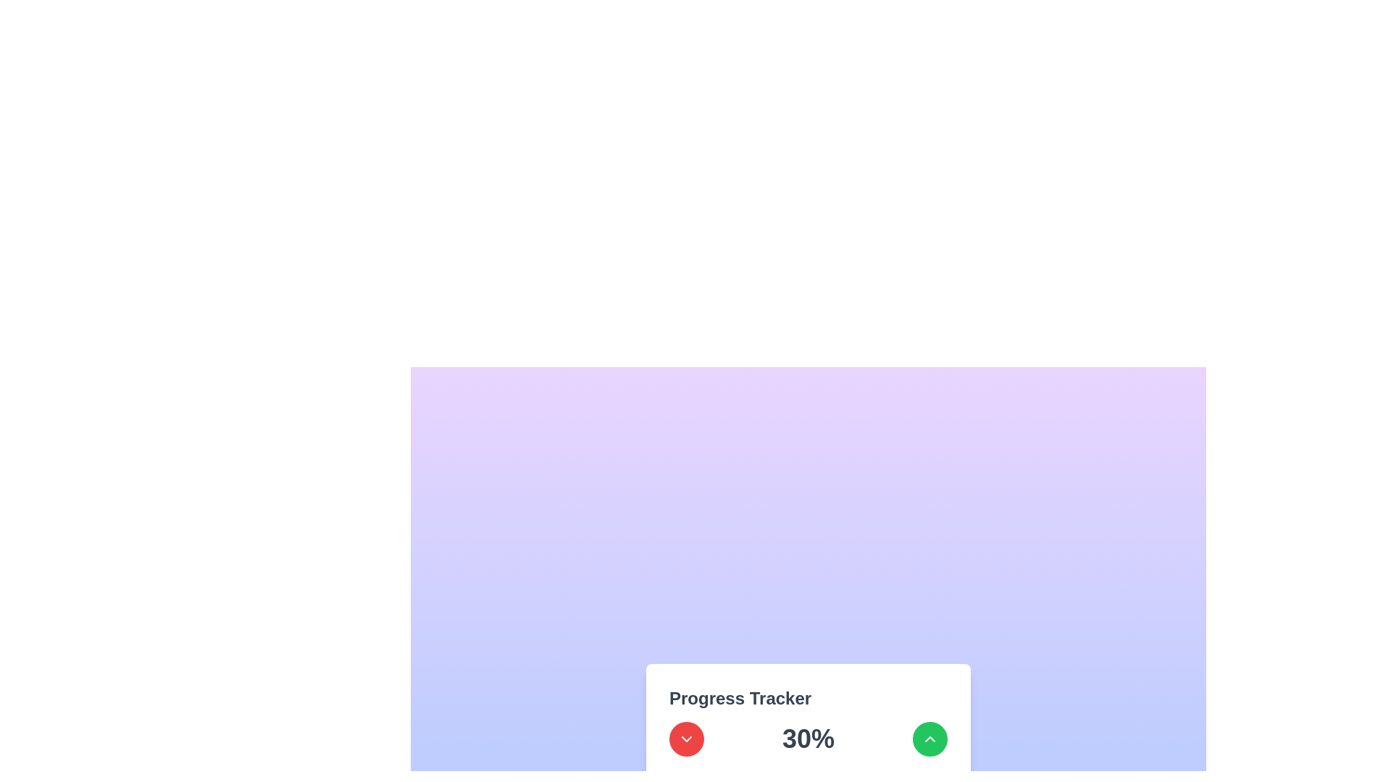 The image size is (1391, 782). I want to click on the downward-pointing chevron icon with a red circular background, located to the left of 'Progress Tracker's' content, so click(686, 739).